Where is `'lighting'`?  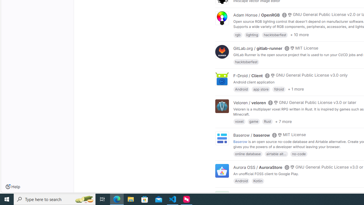 'lighting' is located at coordinates (252, 34).